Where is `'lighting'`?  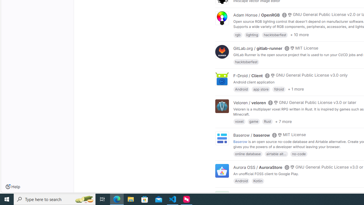 'lighting' is located at coordinates (252, 34).